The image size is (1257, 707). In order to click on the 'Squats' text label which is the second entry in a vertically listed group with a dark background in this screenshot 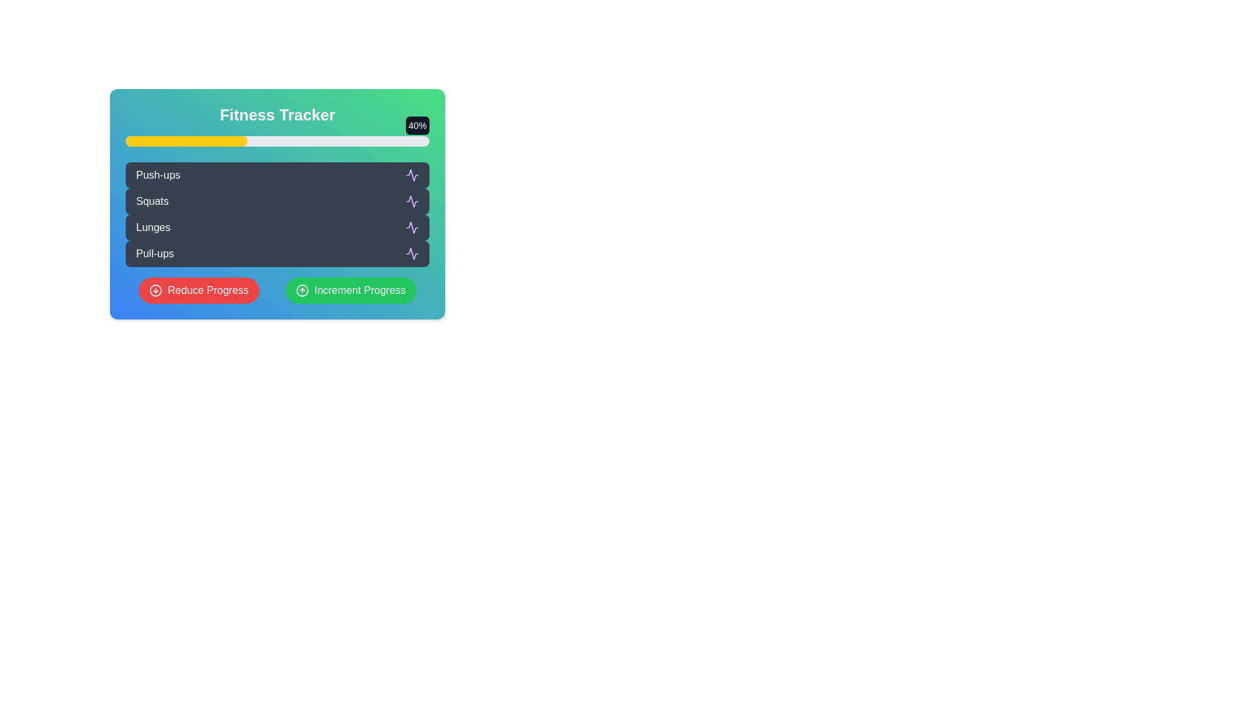, I will do `click(152, 202)`.